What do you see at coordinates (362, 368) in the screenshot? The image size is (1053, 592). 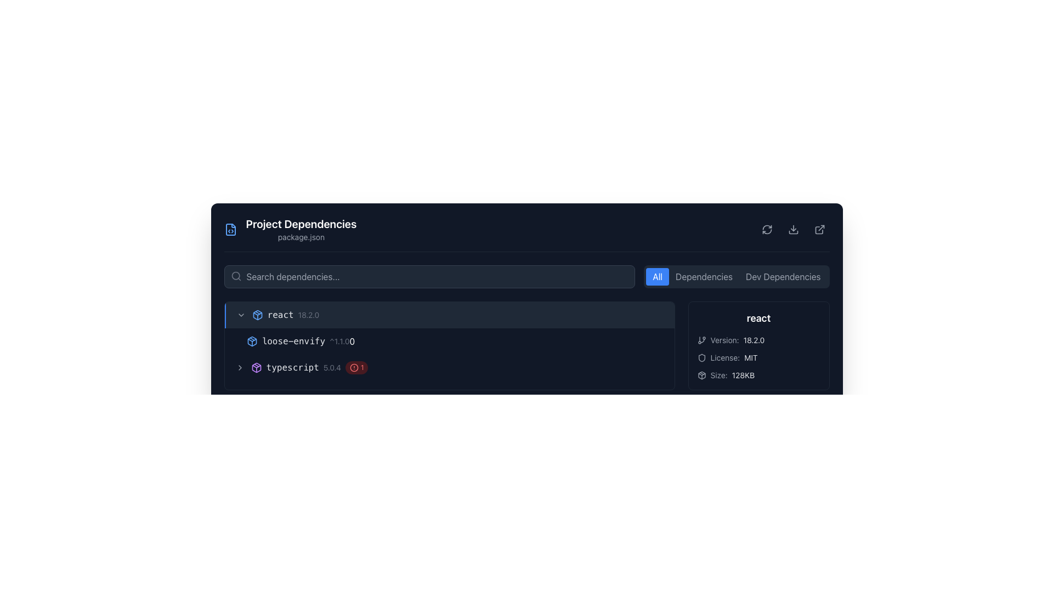 I see `the text element indicating the count or numeric status associated with the 'typescript' dependency, located within a rounded badge next to a warning icon` at bounding box center [362, 368].